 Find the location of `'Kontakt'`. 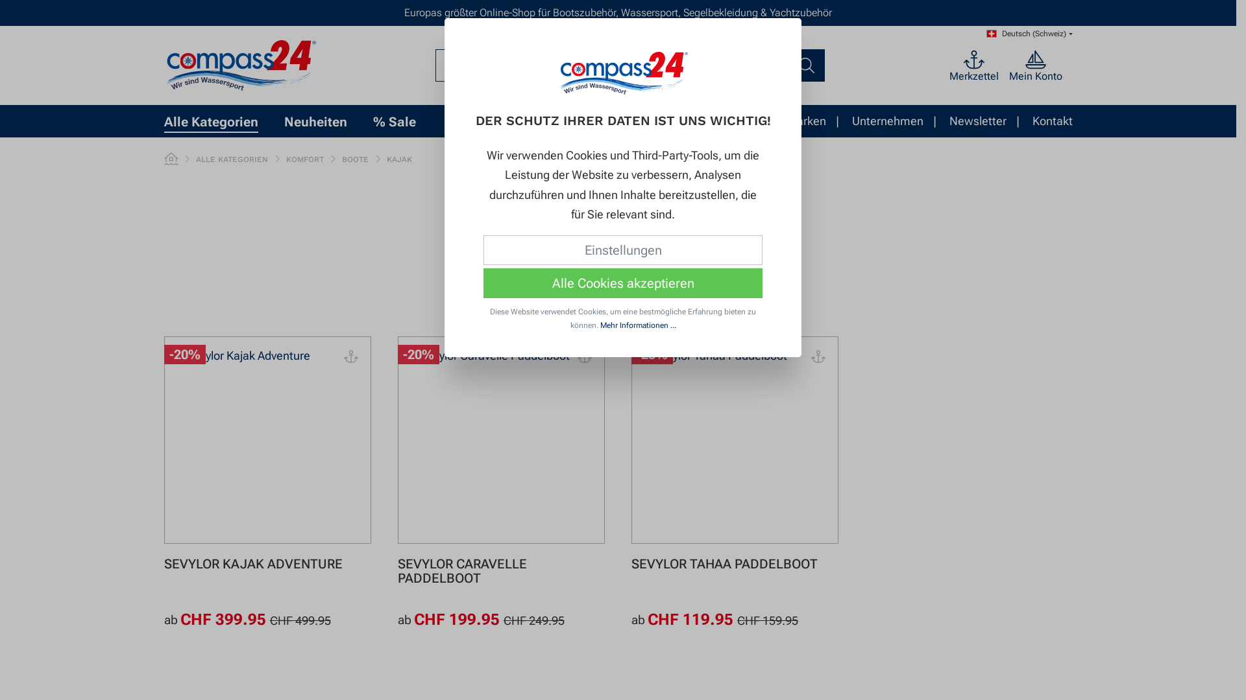

'Kontakt' is located at coordinates (1052, 121).